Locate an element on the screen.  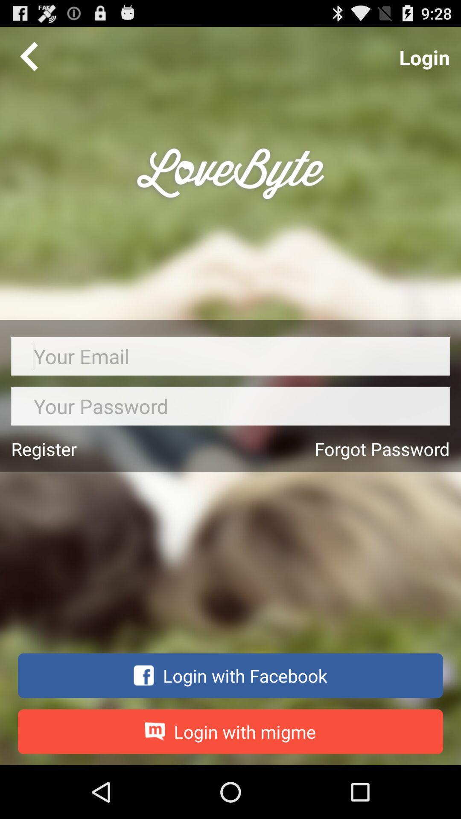
your password is located at coordinates (230, 406).